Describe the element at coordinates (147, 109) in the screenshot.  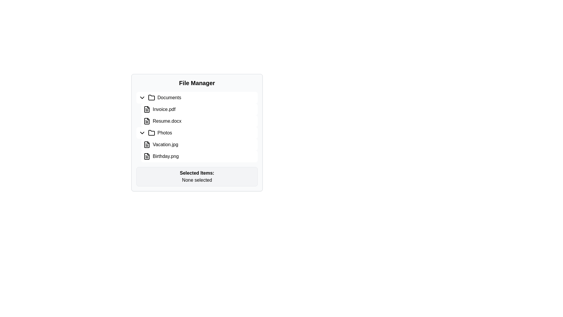
I see `the document icon representing 'Invoice.pdf' in the file manager` at that location.